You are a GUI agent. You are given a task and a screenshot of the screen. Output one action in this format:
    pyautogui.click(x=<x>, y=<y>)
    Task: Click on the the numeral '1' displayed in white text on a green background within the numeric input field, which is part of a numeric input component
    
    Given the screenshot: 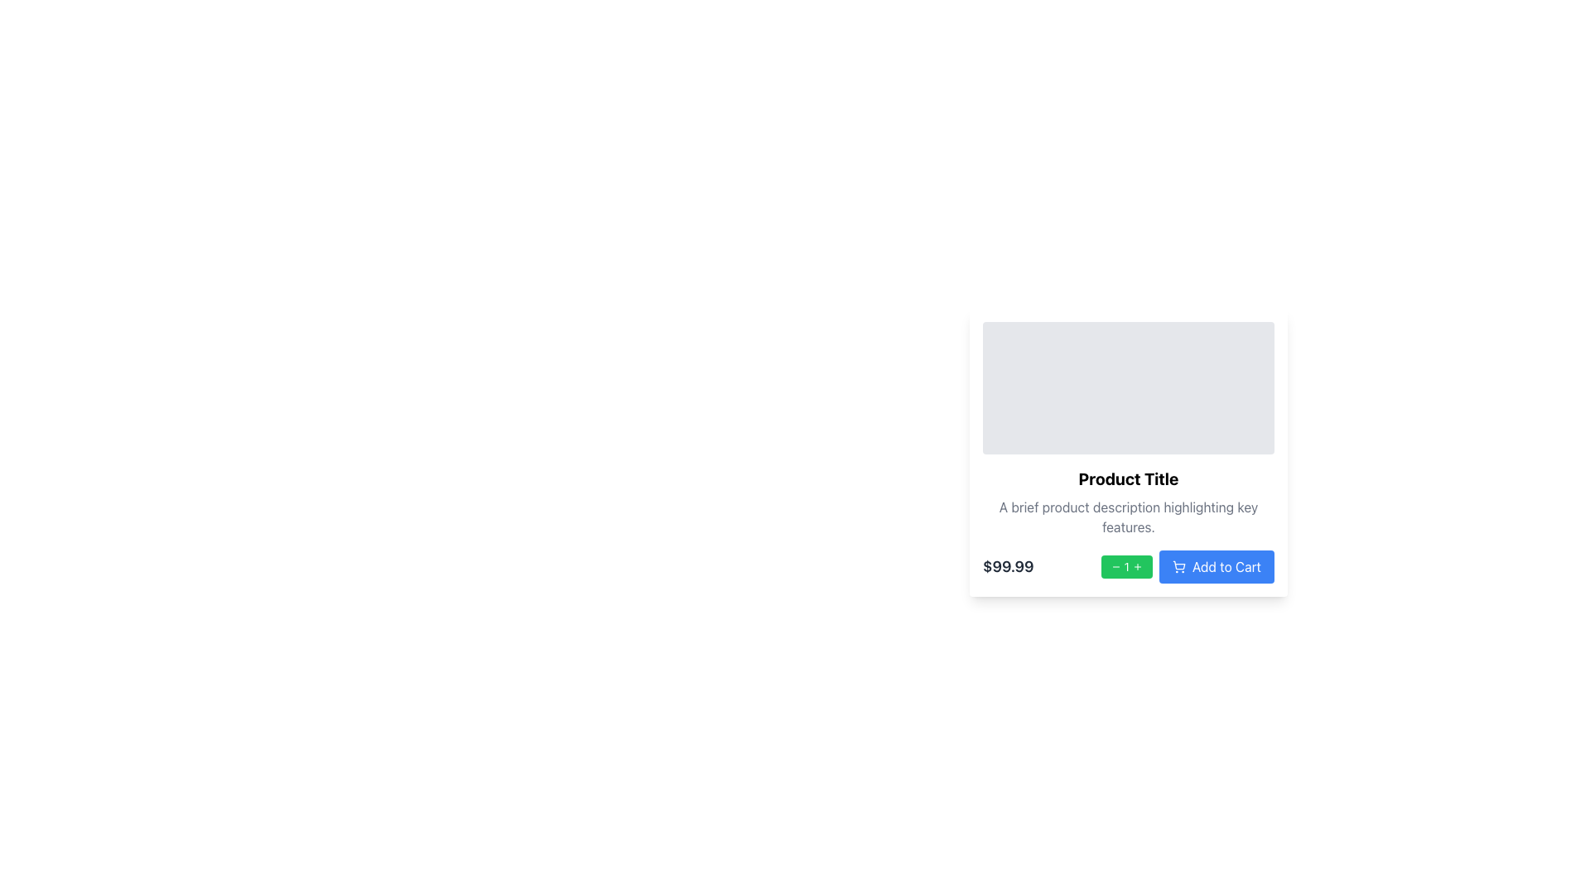 What is the action you would take?
    pyautogui.click(x=1126, y=566)
    